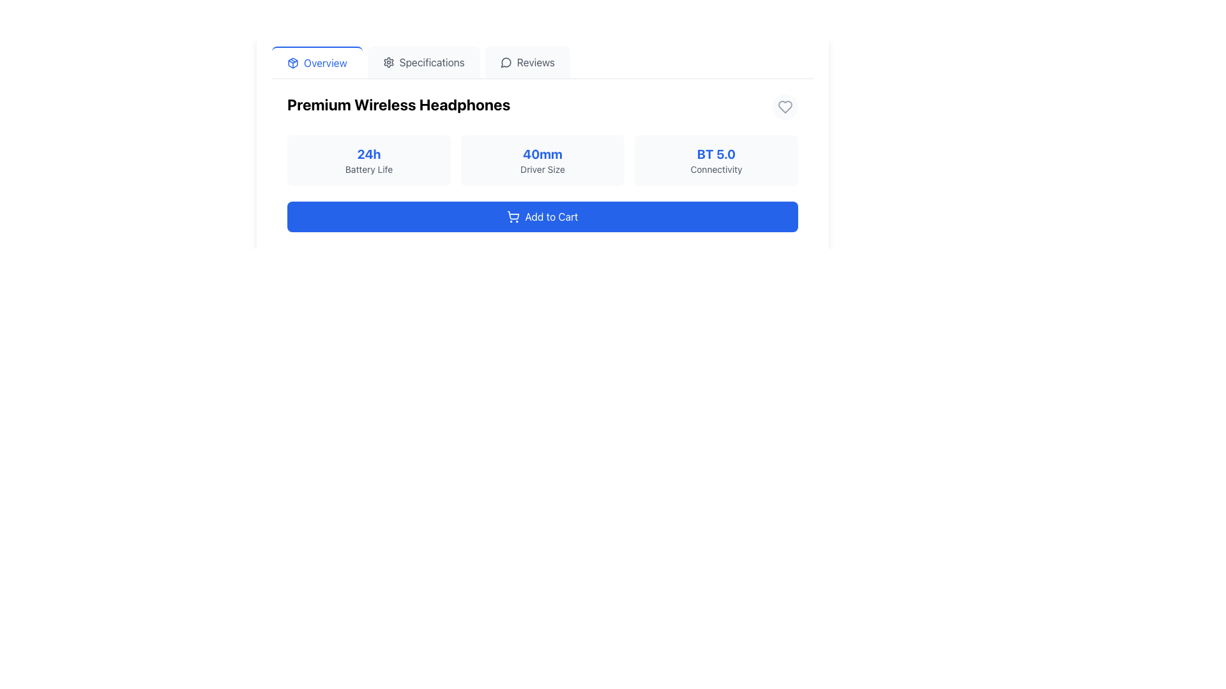  I want to click on the informational card displaying '24h' in bold blue font with 'Battery Life' below it, located in the upper-middle section of the interface, so click(368, 159).